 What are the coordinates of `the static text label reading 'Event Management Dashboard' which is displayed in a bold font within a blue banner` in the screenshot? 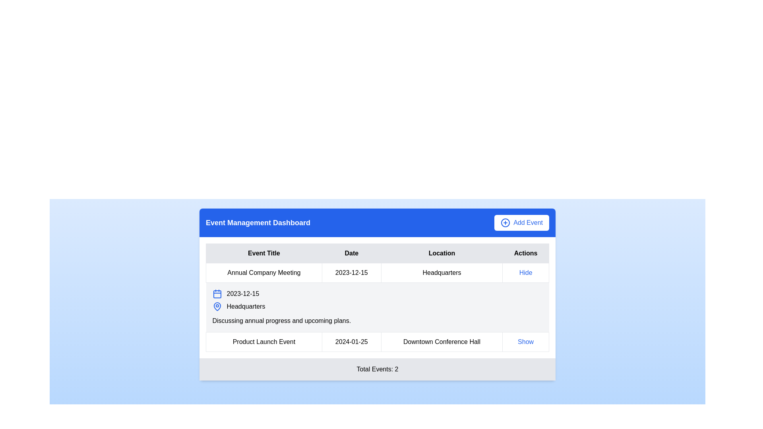 It's located at (258, 222).